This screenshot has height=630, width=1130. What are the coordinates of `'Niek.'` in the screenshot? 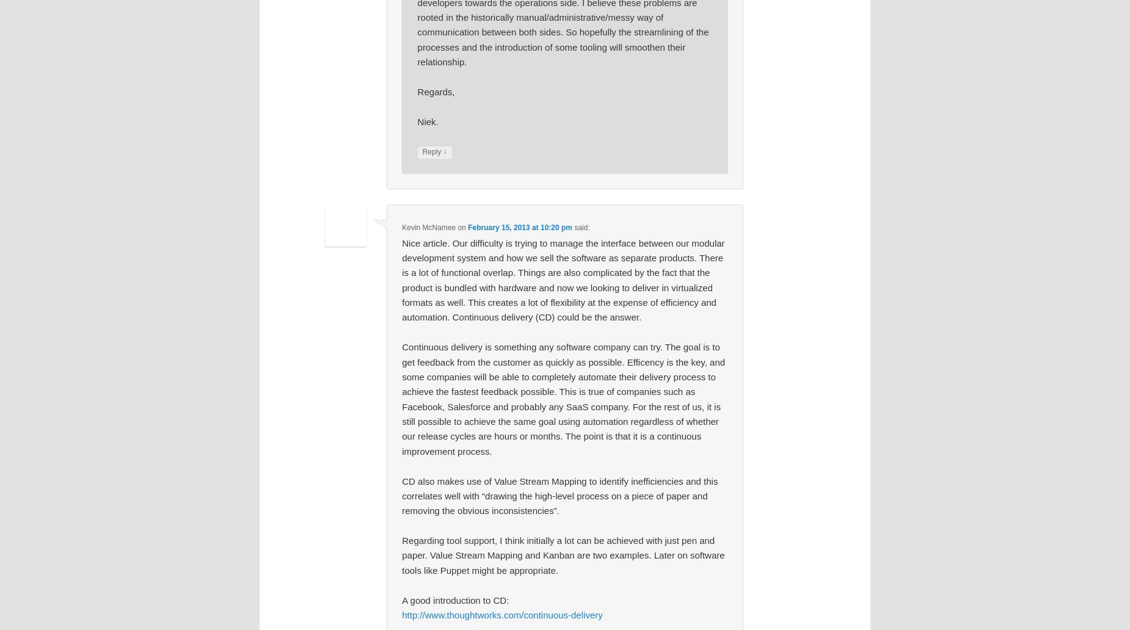 It's located at (428, 120).